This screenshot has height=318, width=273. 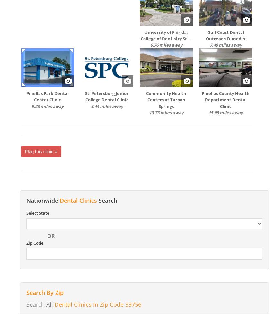 What do you see at coordinates (165, 44) in the screenshot?
I see `'6.76 miles away'` at bounding box center [165, 44].